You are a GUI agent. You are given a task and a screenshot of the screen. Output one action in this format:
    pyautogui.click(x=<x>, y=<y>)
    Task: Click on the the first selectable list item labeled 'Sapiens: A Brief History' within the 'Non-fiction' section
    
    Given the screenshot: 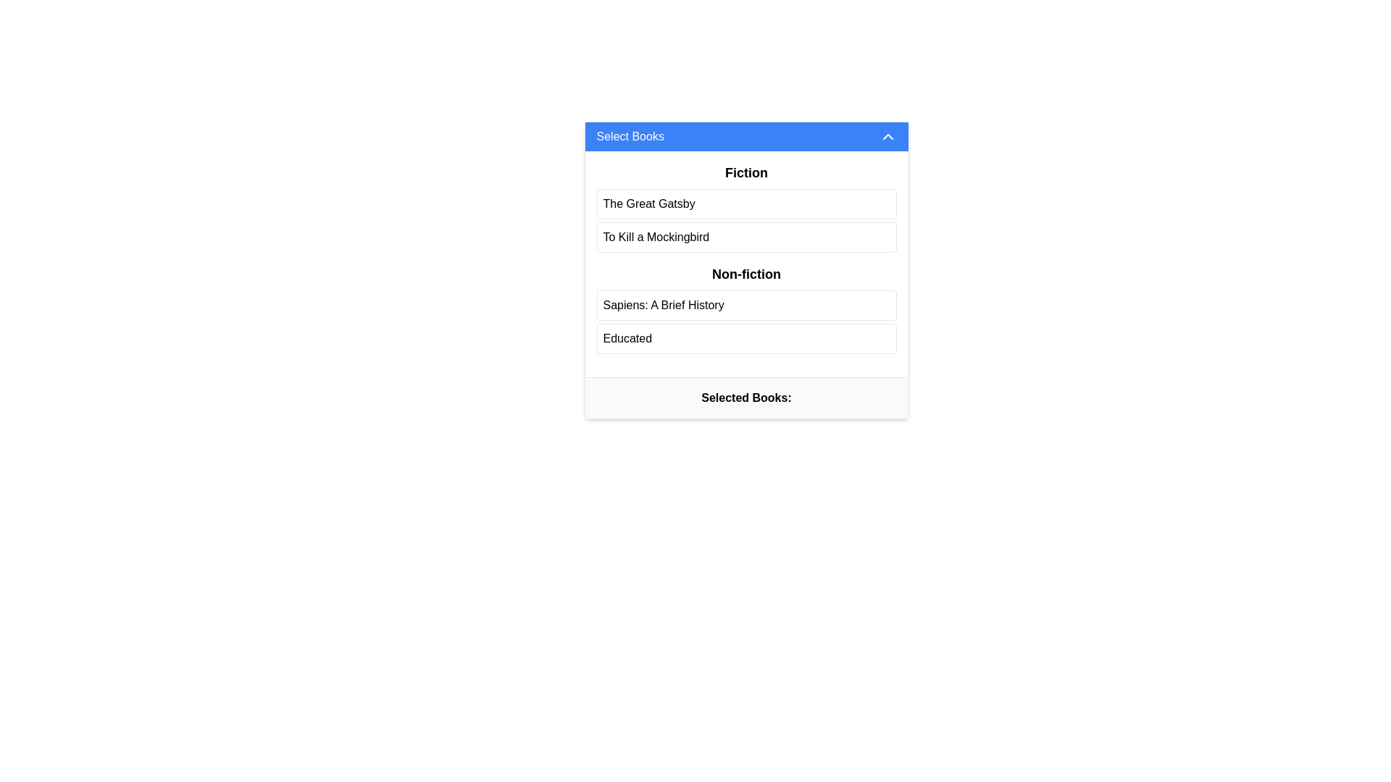 What is the action you would take?
    pyautogui.click(x=746, y=304)
    